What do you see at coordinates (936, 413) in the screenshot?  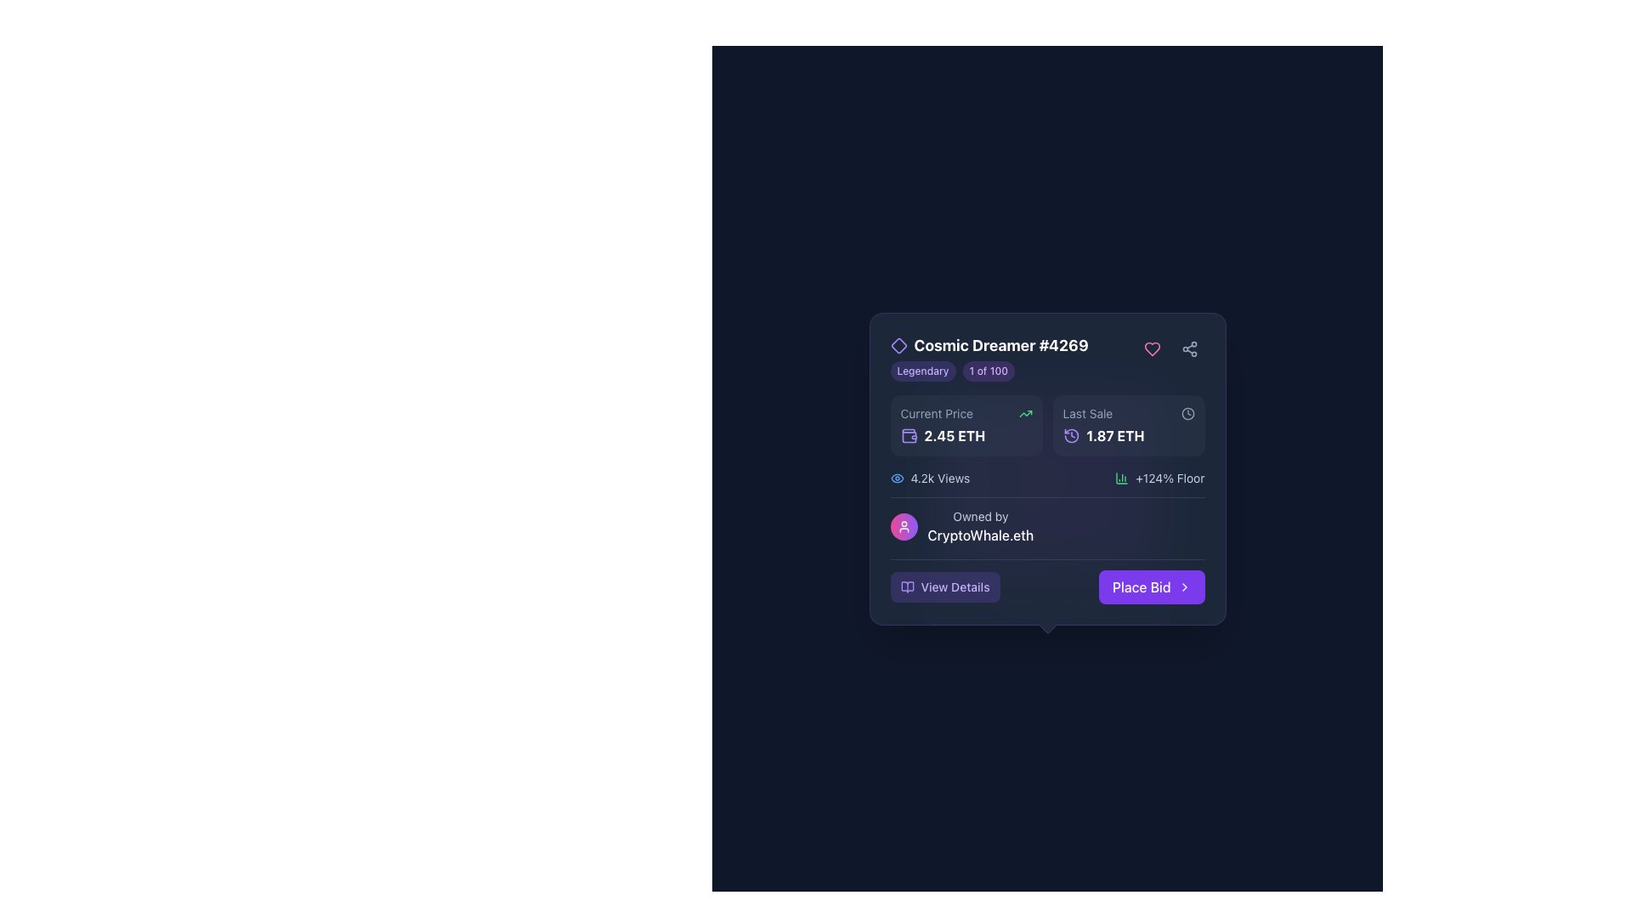 I see `text label that indicates the current price of an item or asset, positioned within a rectangular section of a UI widget, aligned on the left next to a graph icon` at bounding box center [936, 413].